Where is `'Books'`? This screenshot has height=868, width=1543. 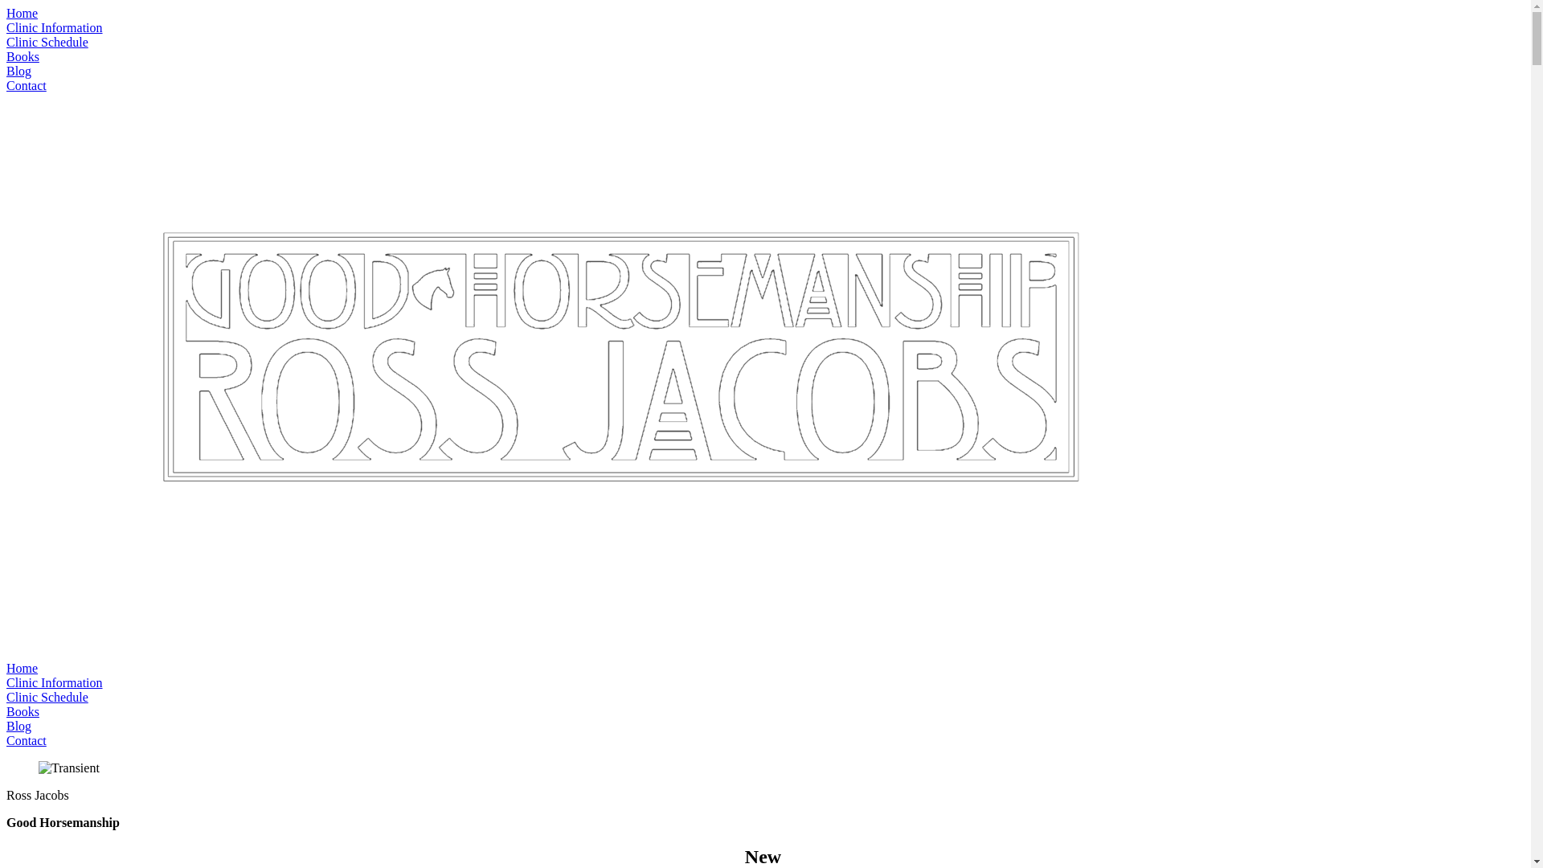
'Books' is located at coordinates (6, 710).